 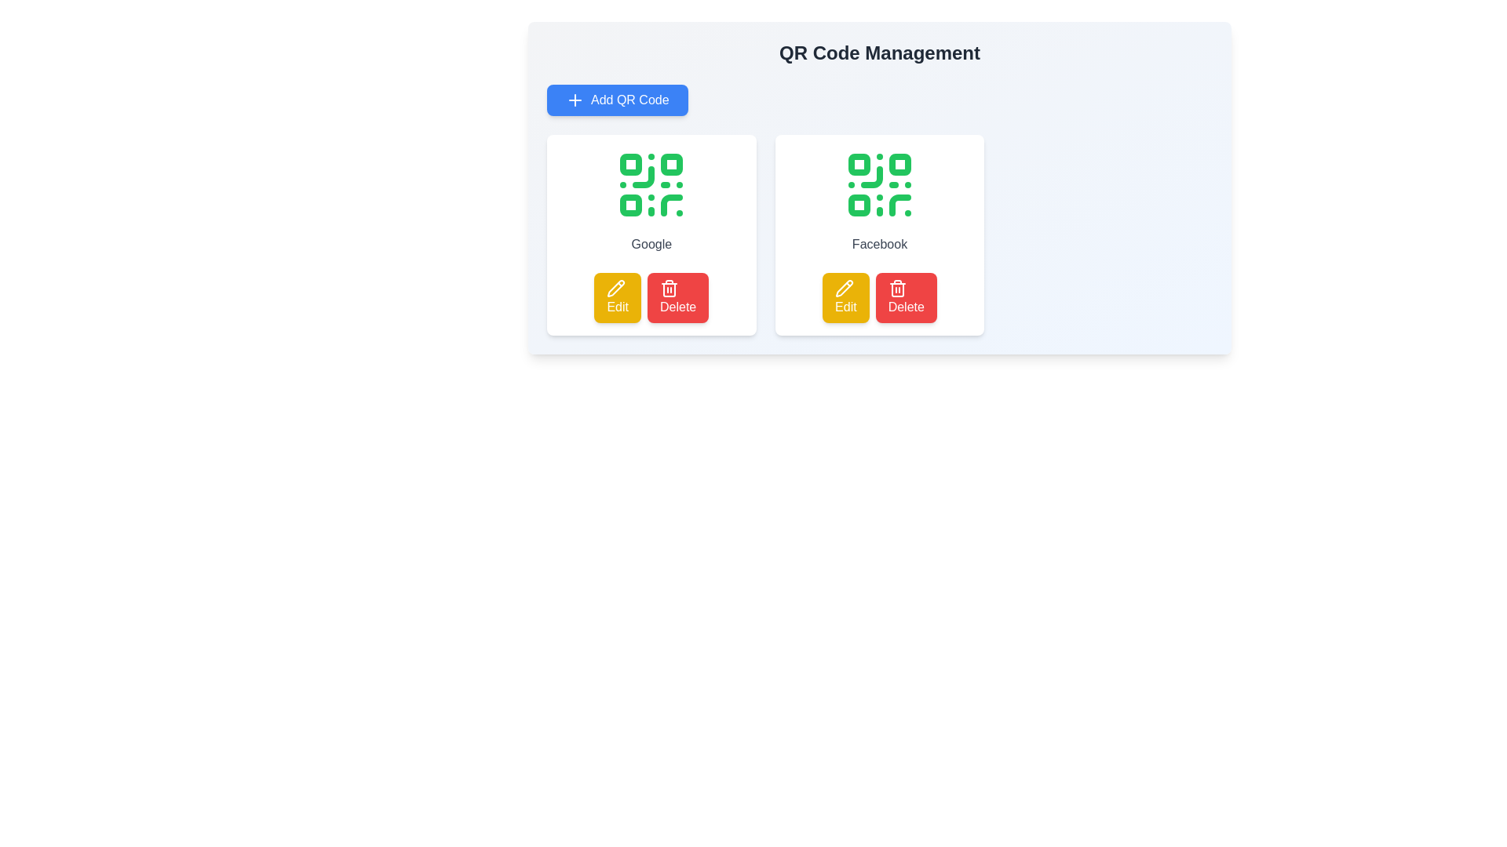 What do you see at coordinates (615, 288) in the screenshot?
I see `the pencil icon within the yellow 'Edit' button located beneath the first QR code card labeled 'Google'` at bounding box center [615, 288].